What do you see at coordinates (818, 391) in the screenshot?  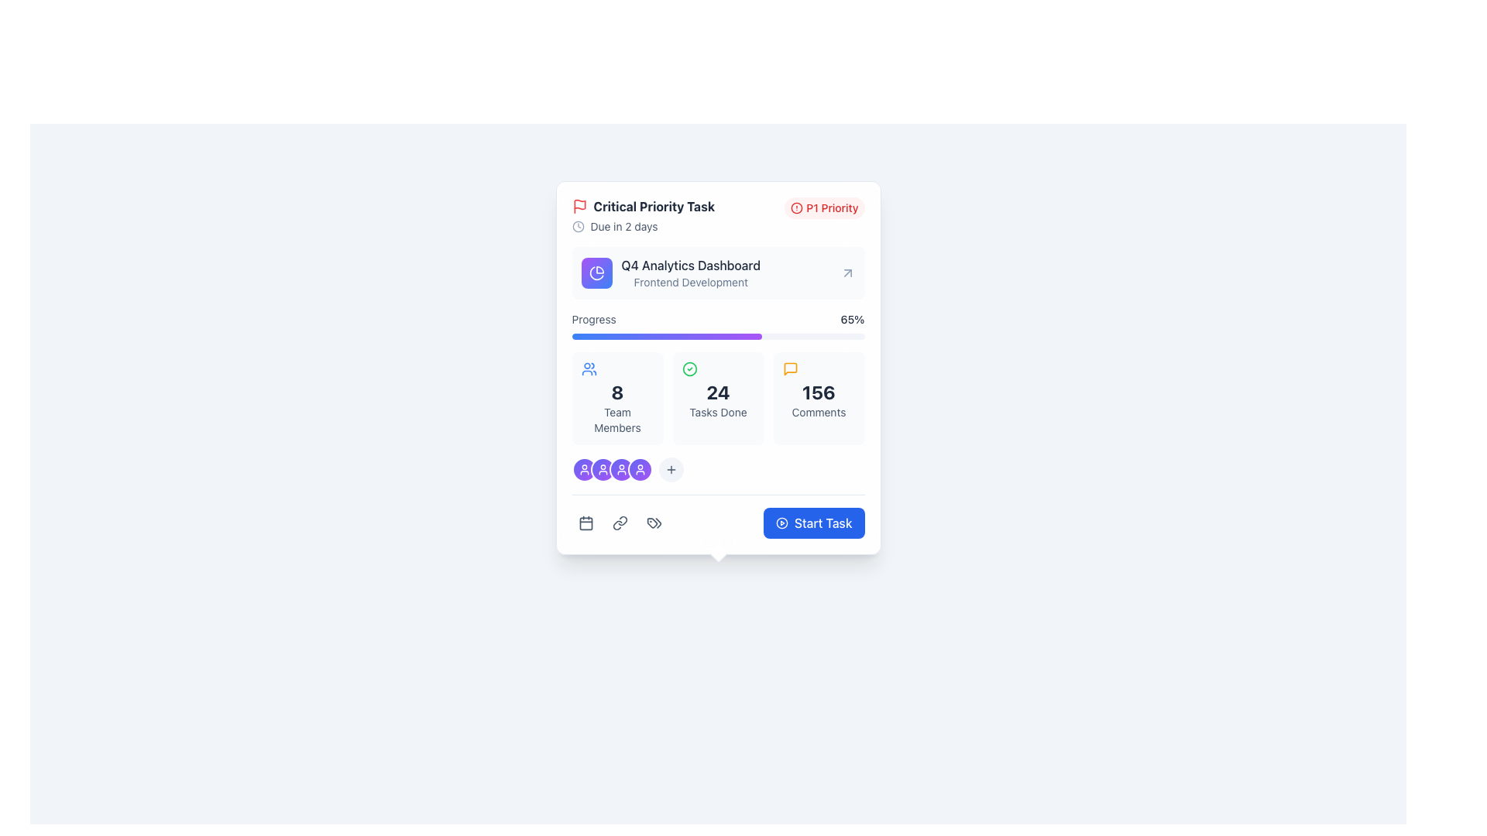 I see `the comments count text displayed in the lower-right section of the card UI, adjacent to the comments icon and the label 'Comments', to interact with related actions` at bounding box center [818, 391].